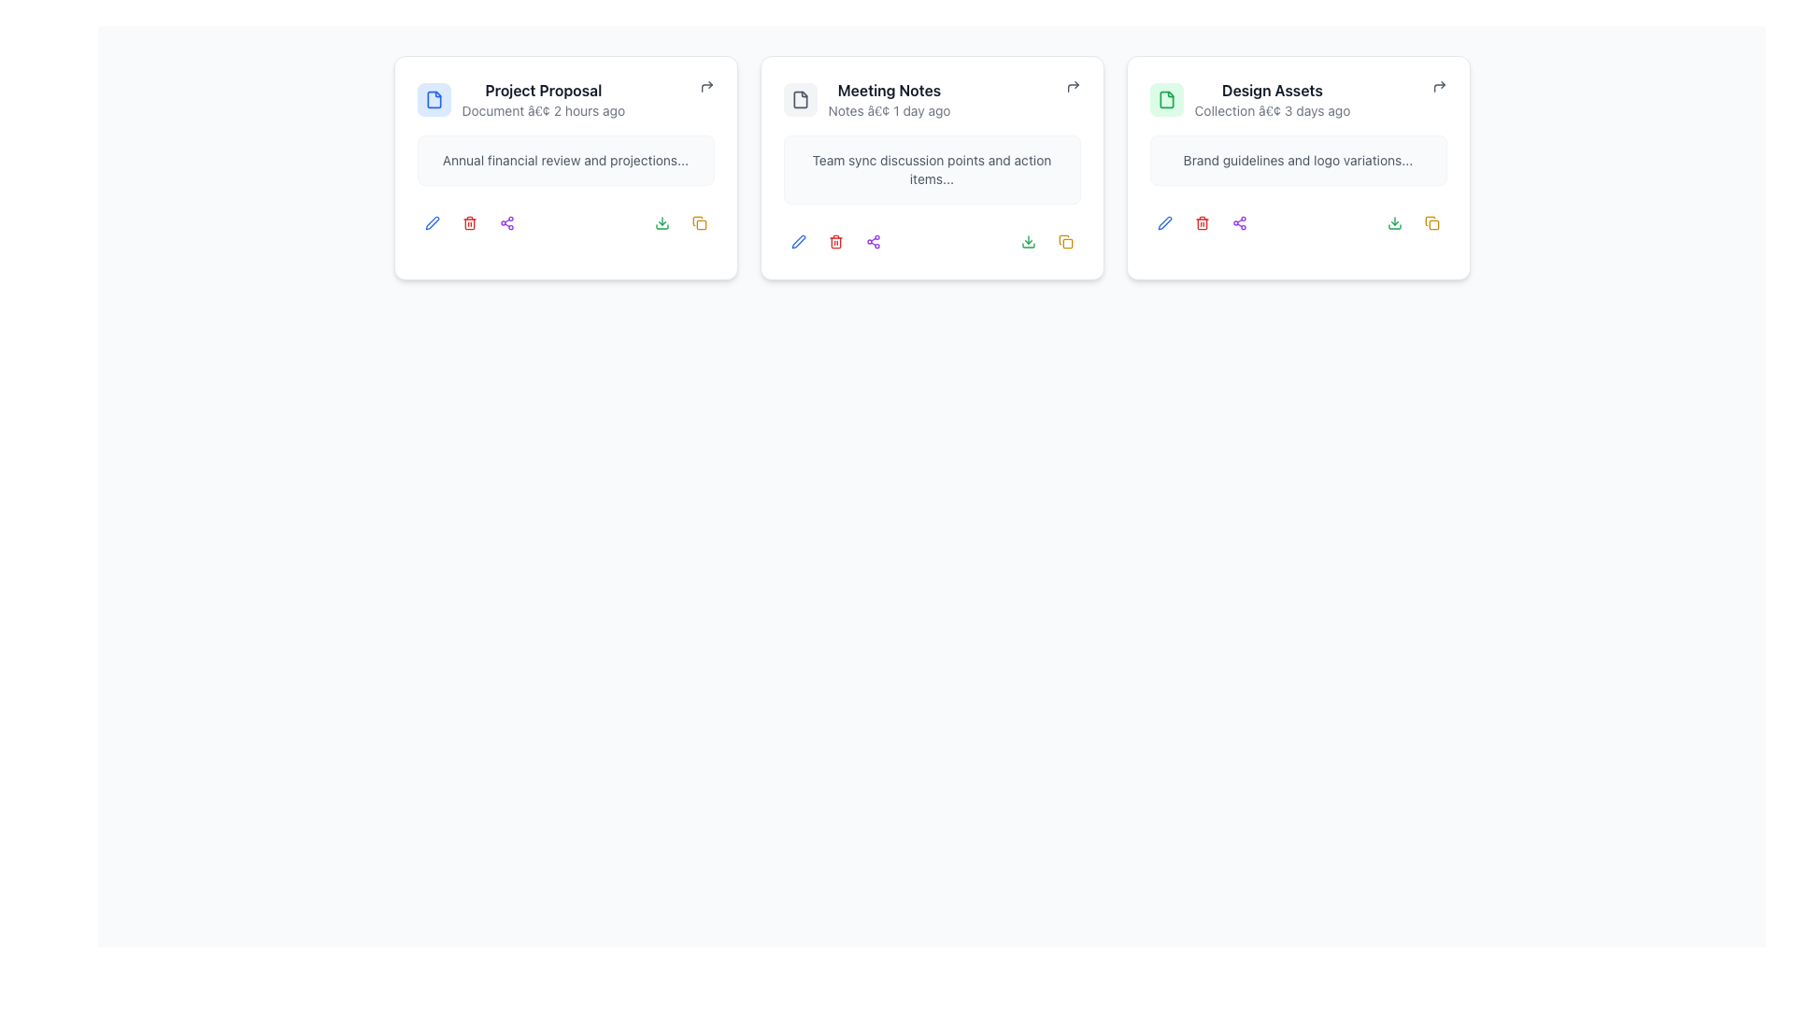 The image size is (1794, 1009). I want to click on the text block that reads 'Annual financial review and projections...' located within the 'Project Proposal' card, which has a light gray background and rounded corners, so click(564, 160).